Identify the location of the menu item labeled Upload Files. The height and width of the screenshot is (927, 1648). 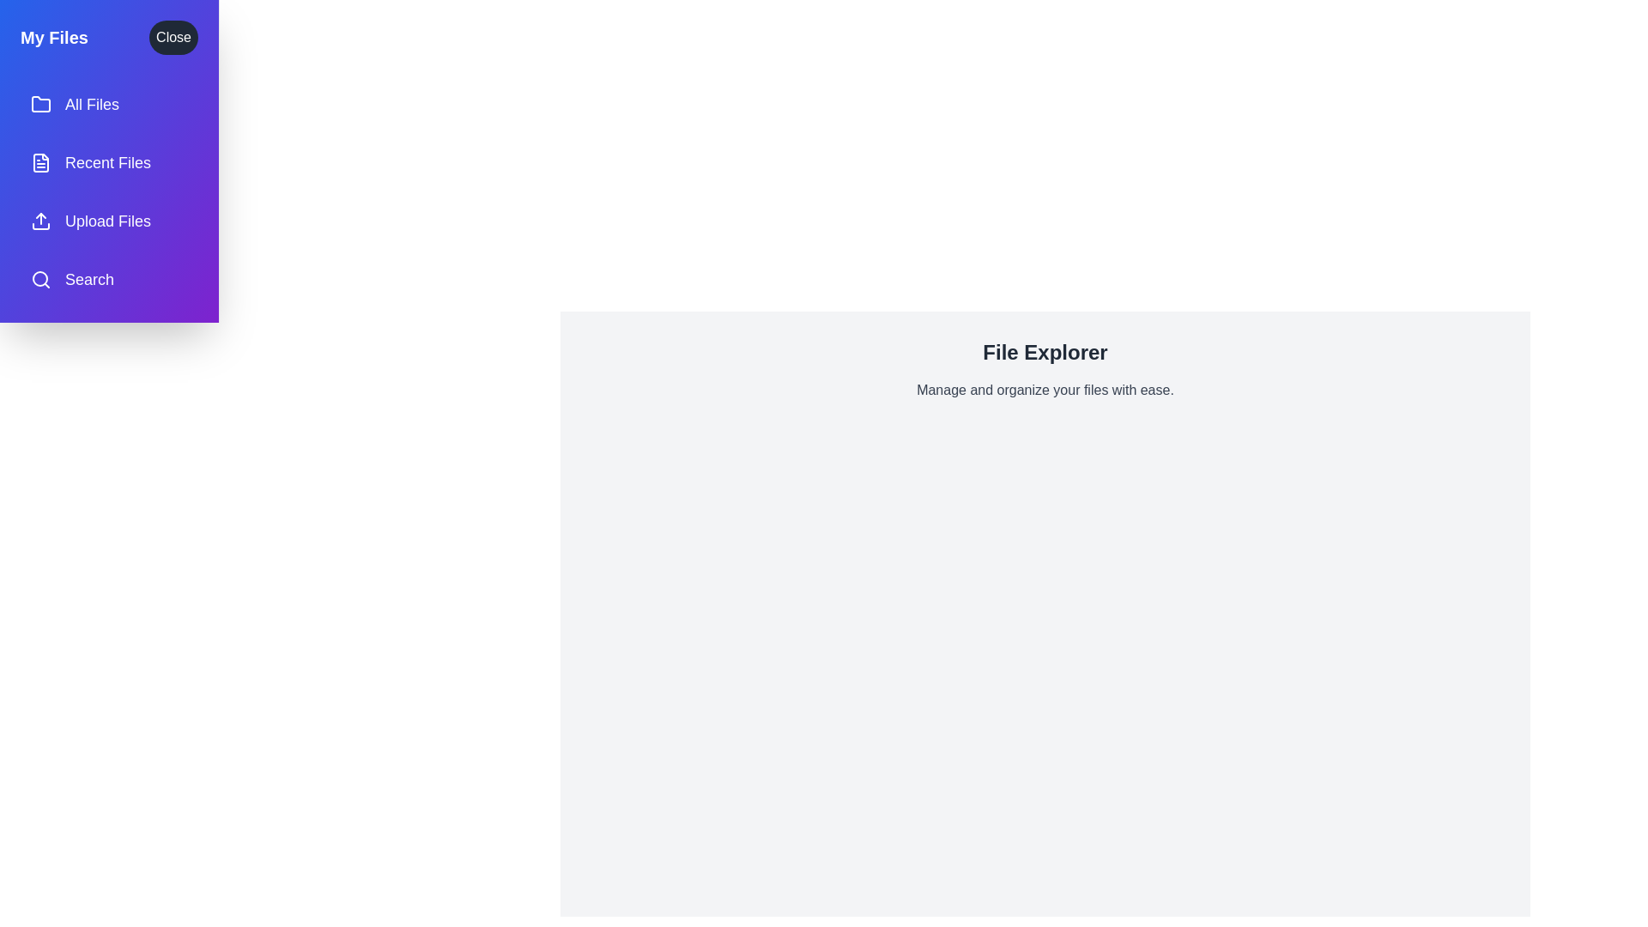
(108, 221).